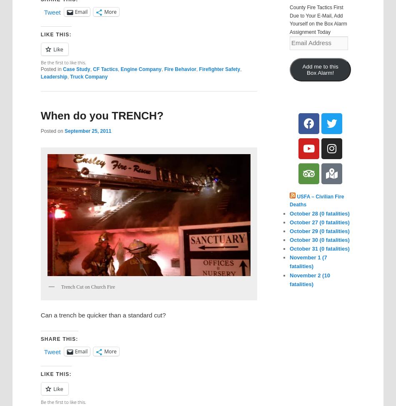  What do you see at coordinates (290, 279) in the screenshot?
I see `'November 2 (10 fatalities)'` at bounding box center [290, 279].